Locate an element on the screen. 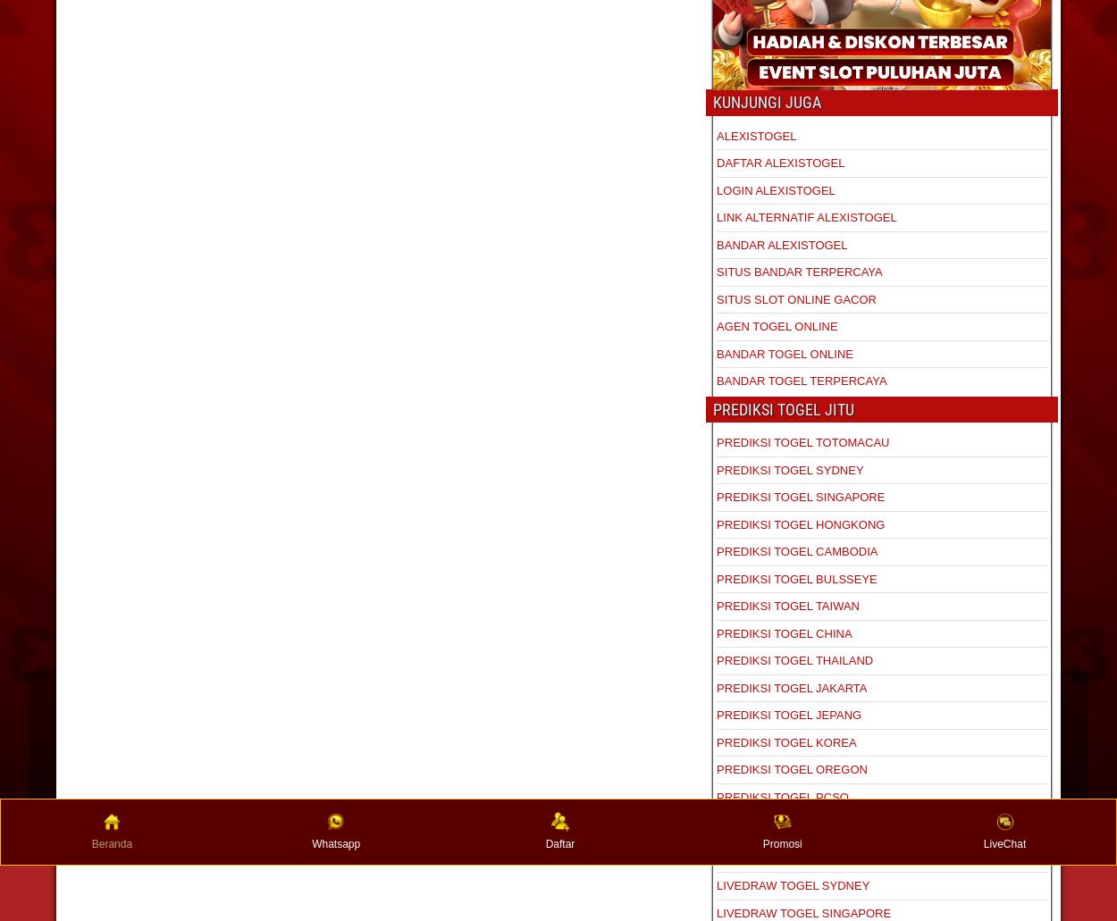 The height and width of the screenshot is (921, 1117). 'LIVEDRAW TOGEL TOTOMACAU' is located at coordinates (806, 857).